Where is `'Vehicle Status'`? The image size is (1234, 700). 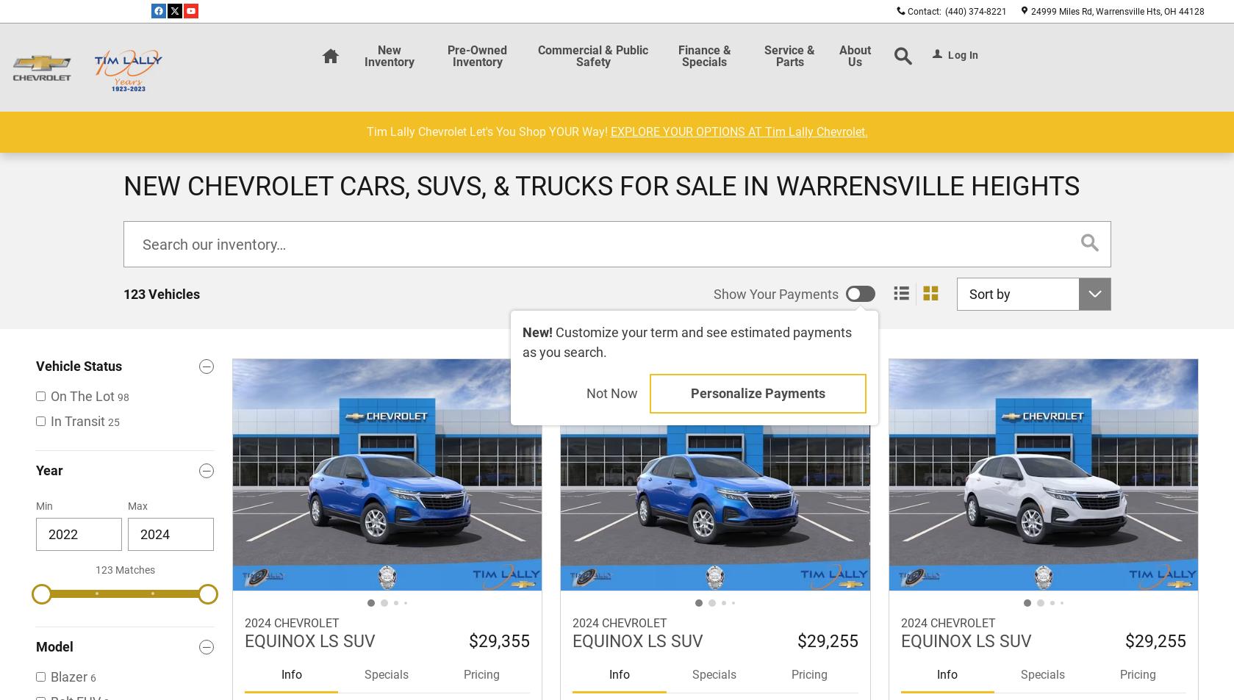
'Vehicle Status' is located at coordinates (79, 366).